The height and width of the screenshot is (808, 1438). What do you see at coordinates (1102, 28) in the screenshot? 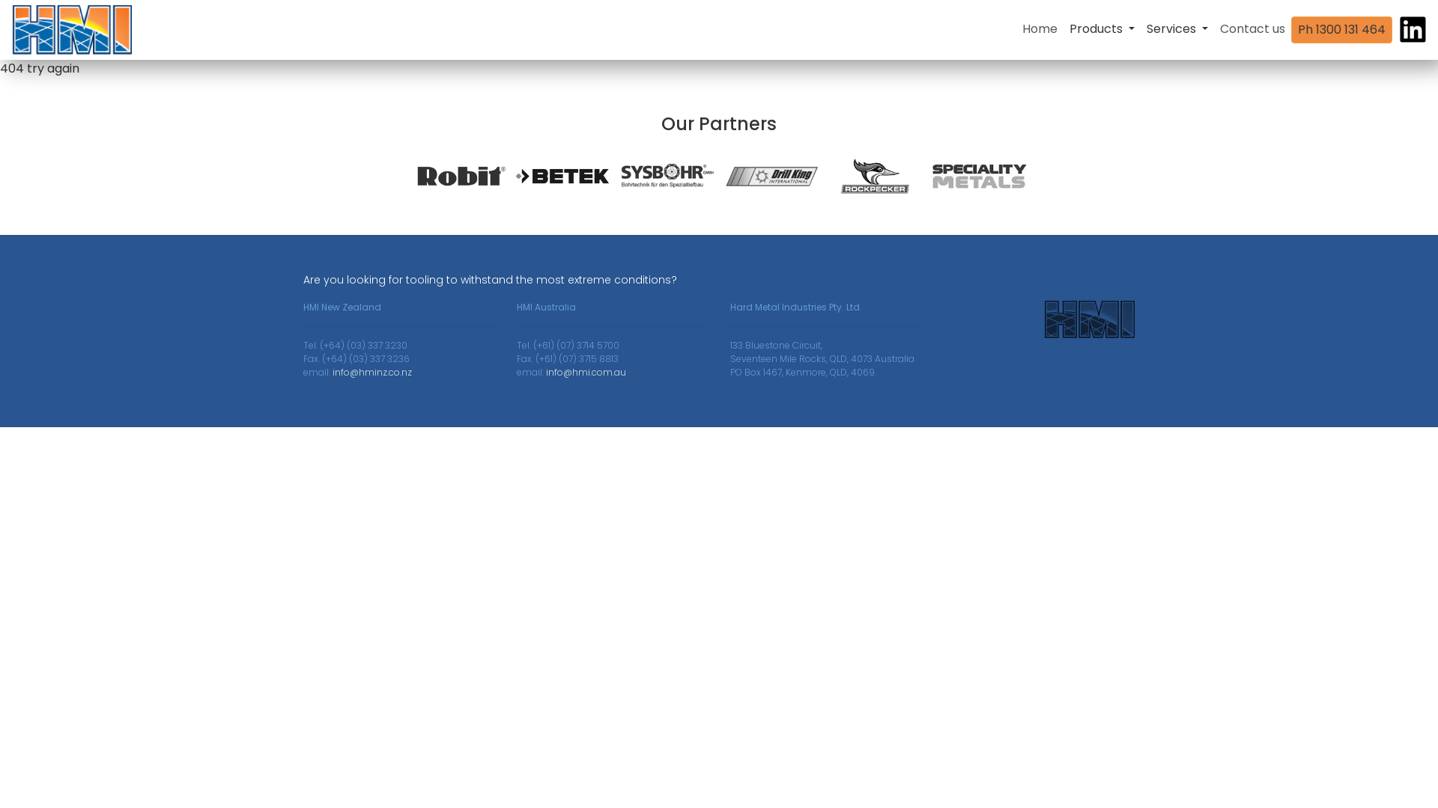
I see `'Products'` at bounding box center [1102, 28].